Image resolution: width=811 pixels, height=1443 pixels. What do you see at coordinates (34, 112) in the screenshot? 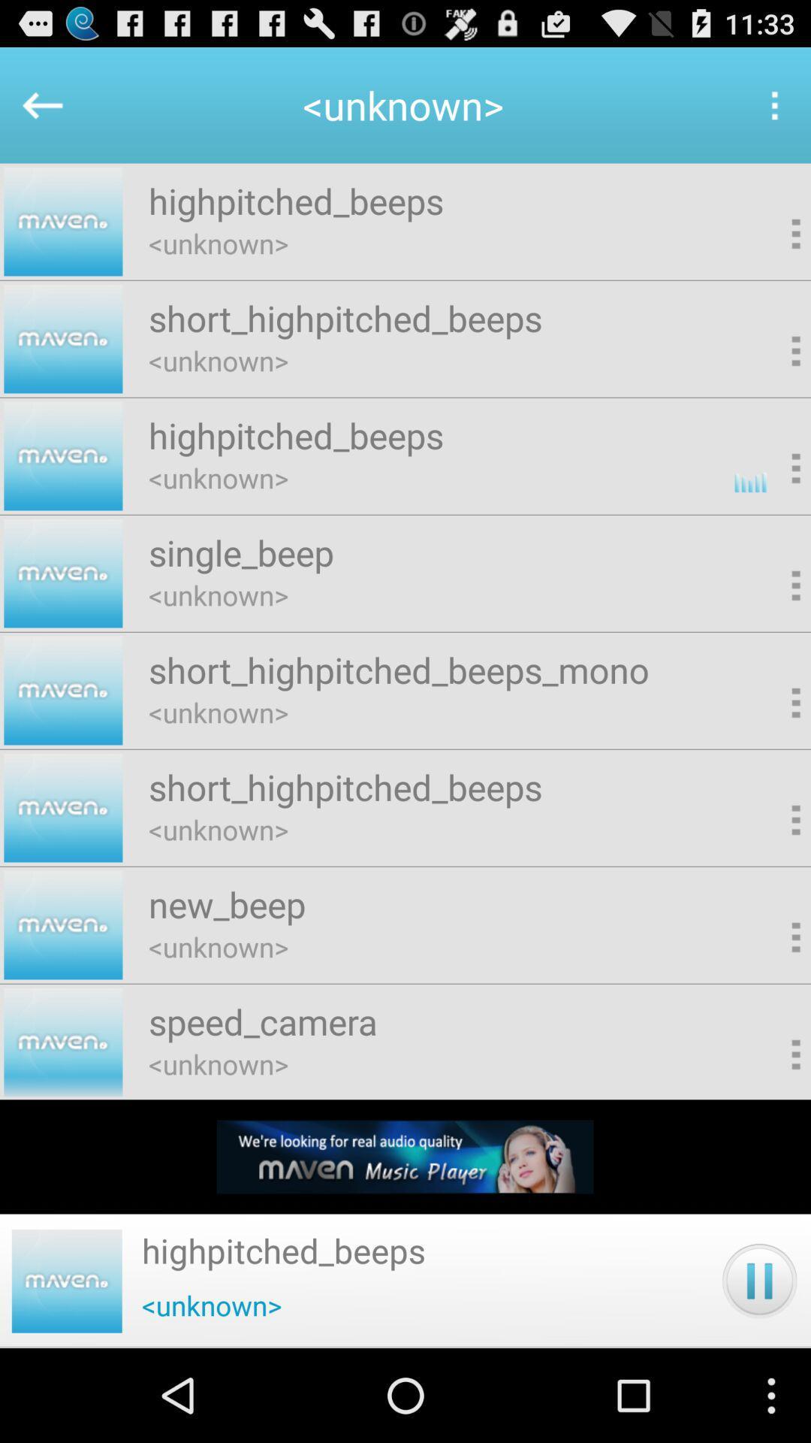
I see `the arrow_backward icon` at bounding box center [34, 112].